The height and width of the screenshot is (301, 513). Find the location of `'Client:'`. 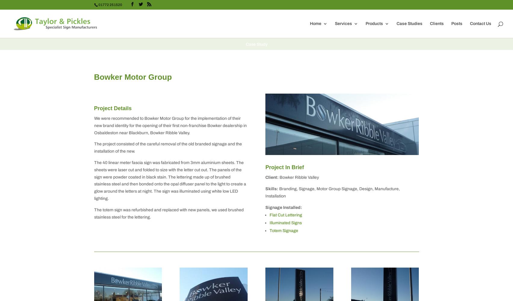

'Client:' is located at coordinates (265, 177).